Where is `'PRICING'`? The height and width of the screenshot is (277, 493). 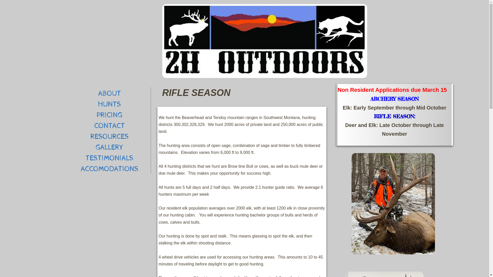
'PRICING' is located at coordinates (68, 114).